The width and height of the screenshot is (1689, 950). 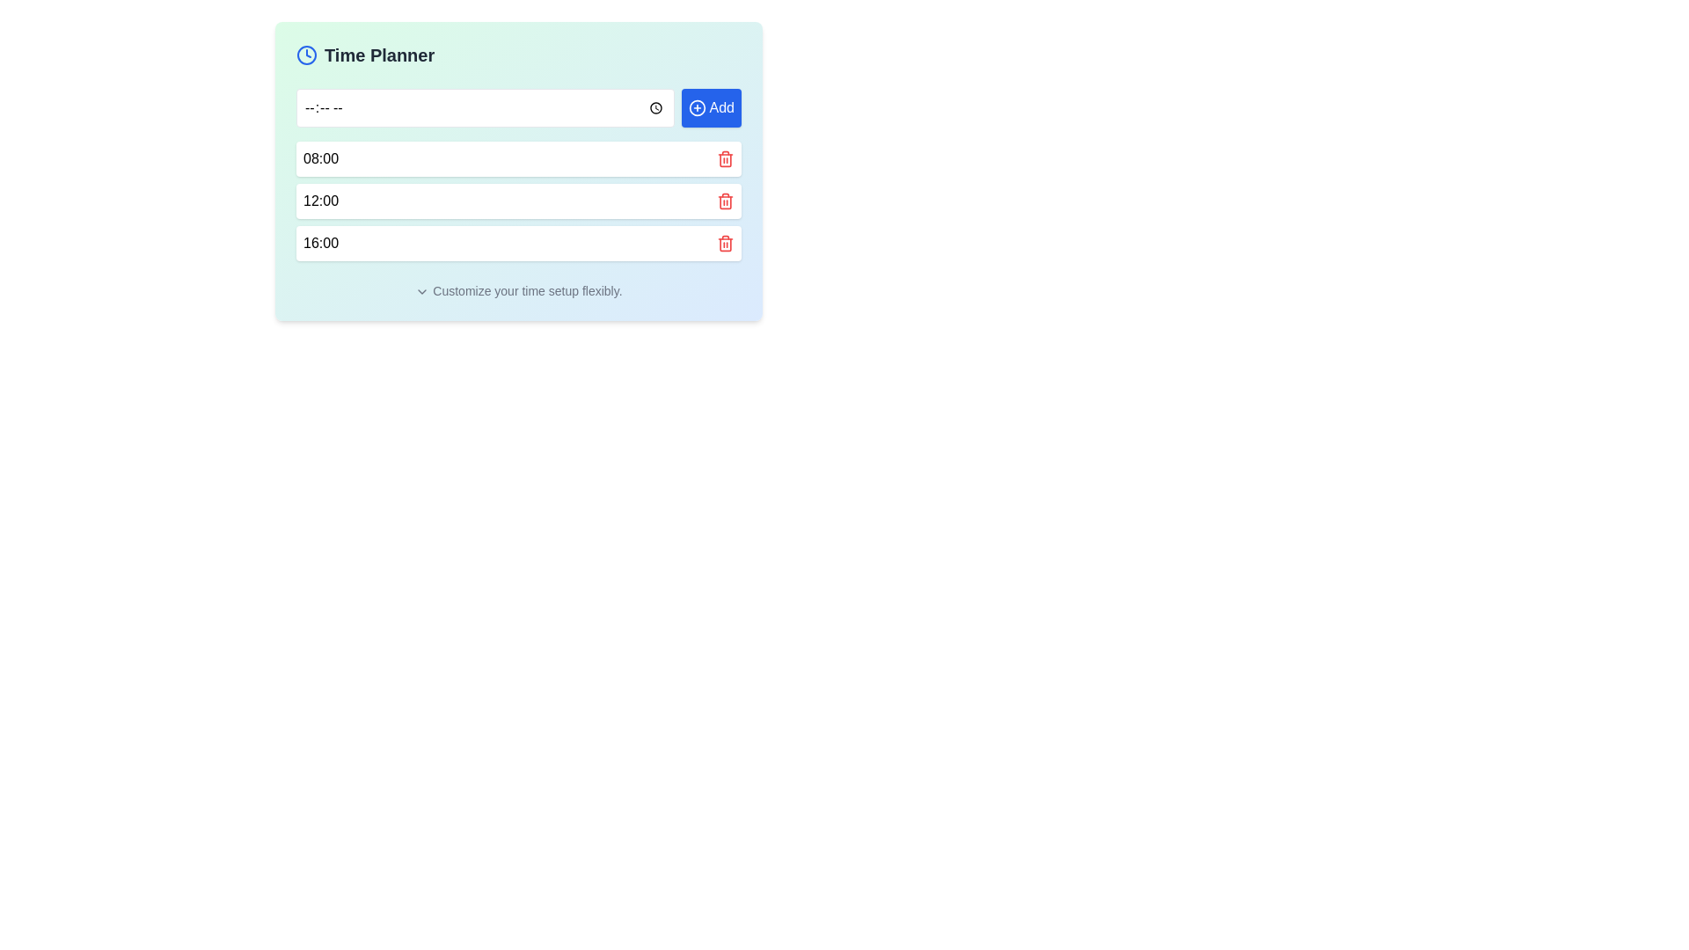 What do you see at coordinates (320, 159) in the screenshot?
I see `the first time entry Text label in the 'Time Planner' section, which displays a specific time and is positioned above '12:00'` at bounding box center [320, 159].